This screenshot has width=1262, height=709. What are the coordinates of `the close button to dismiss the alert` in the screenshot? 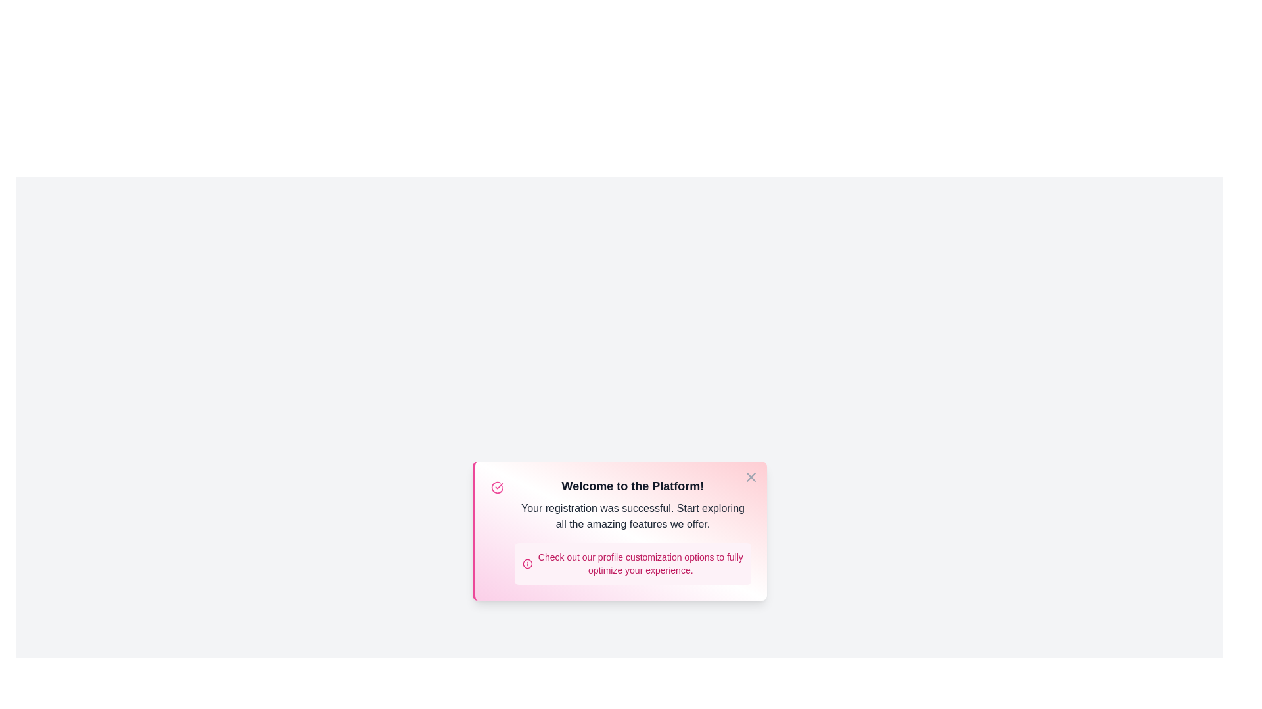 It's located at (751, 477).